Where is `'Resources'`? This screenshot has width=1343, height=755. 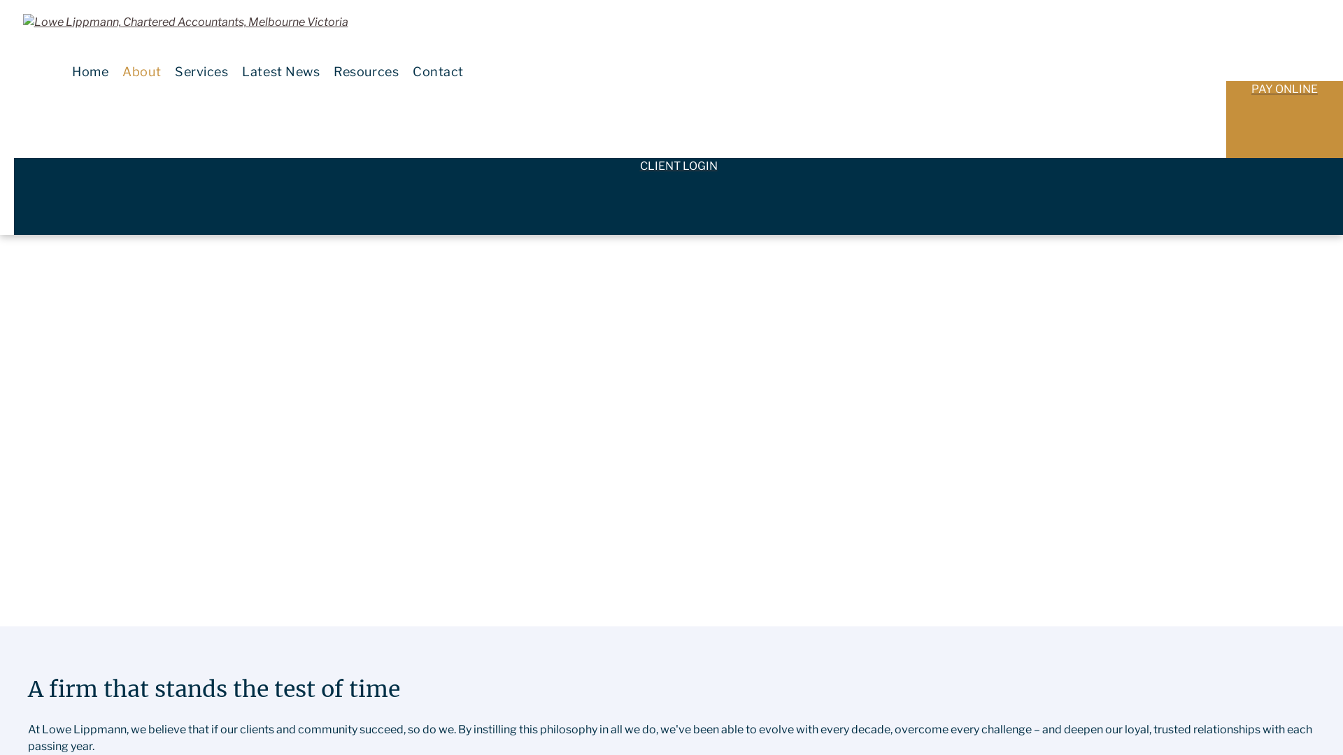 'Resources' is located at coordinates (366, 71).